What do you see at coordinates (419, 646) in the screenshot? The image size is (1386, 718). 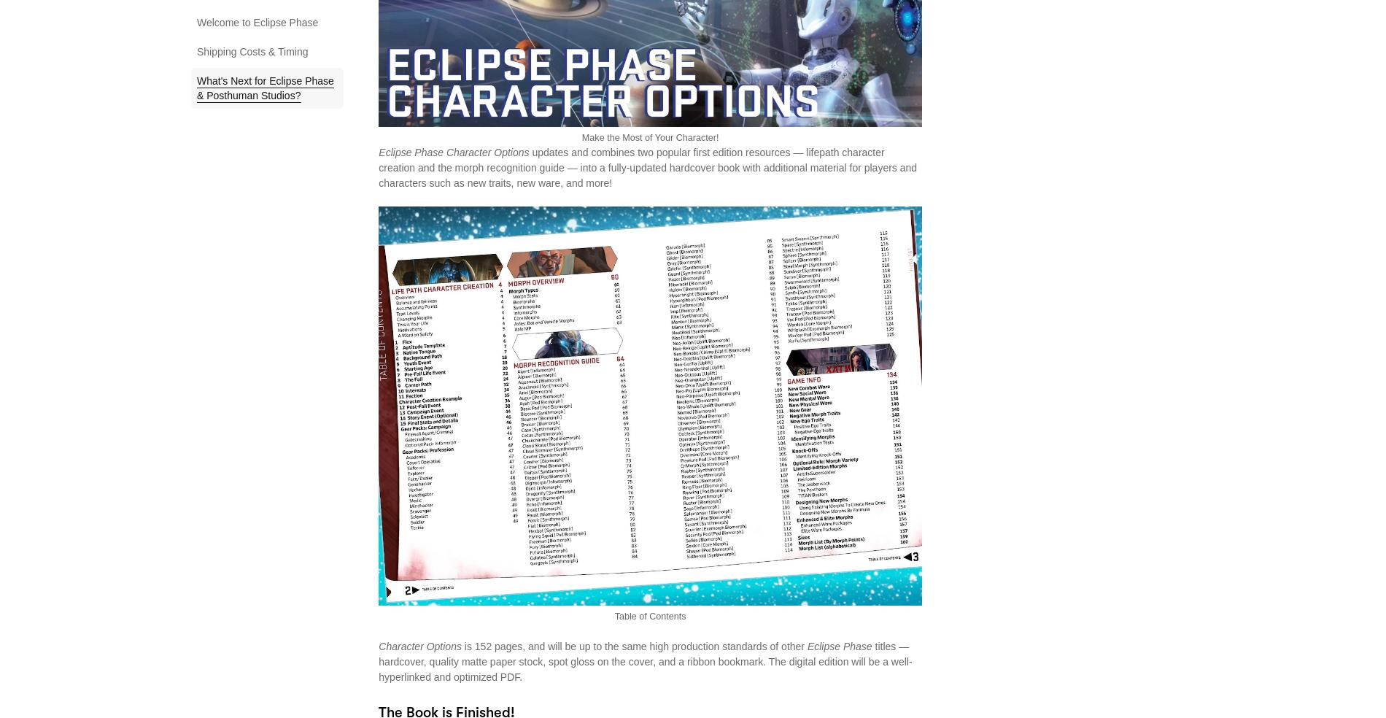 I see `'Character Options'` at bounding box center [419, 646].